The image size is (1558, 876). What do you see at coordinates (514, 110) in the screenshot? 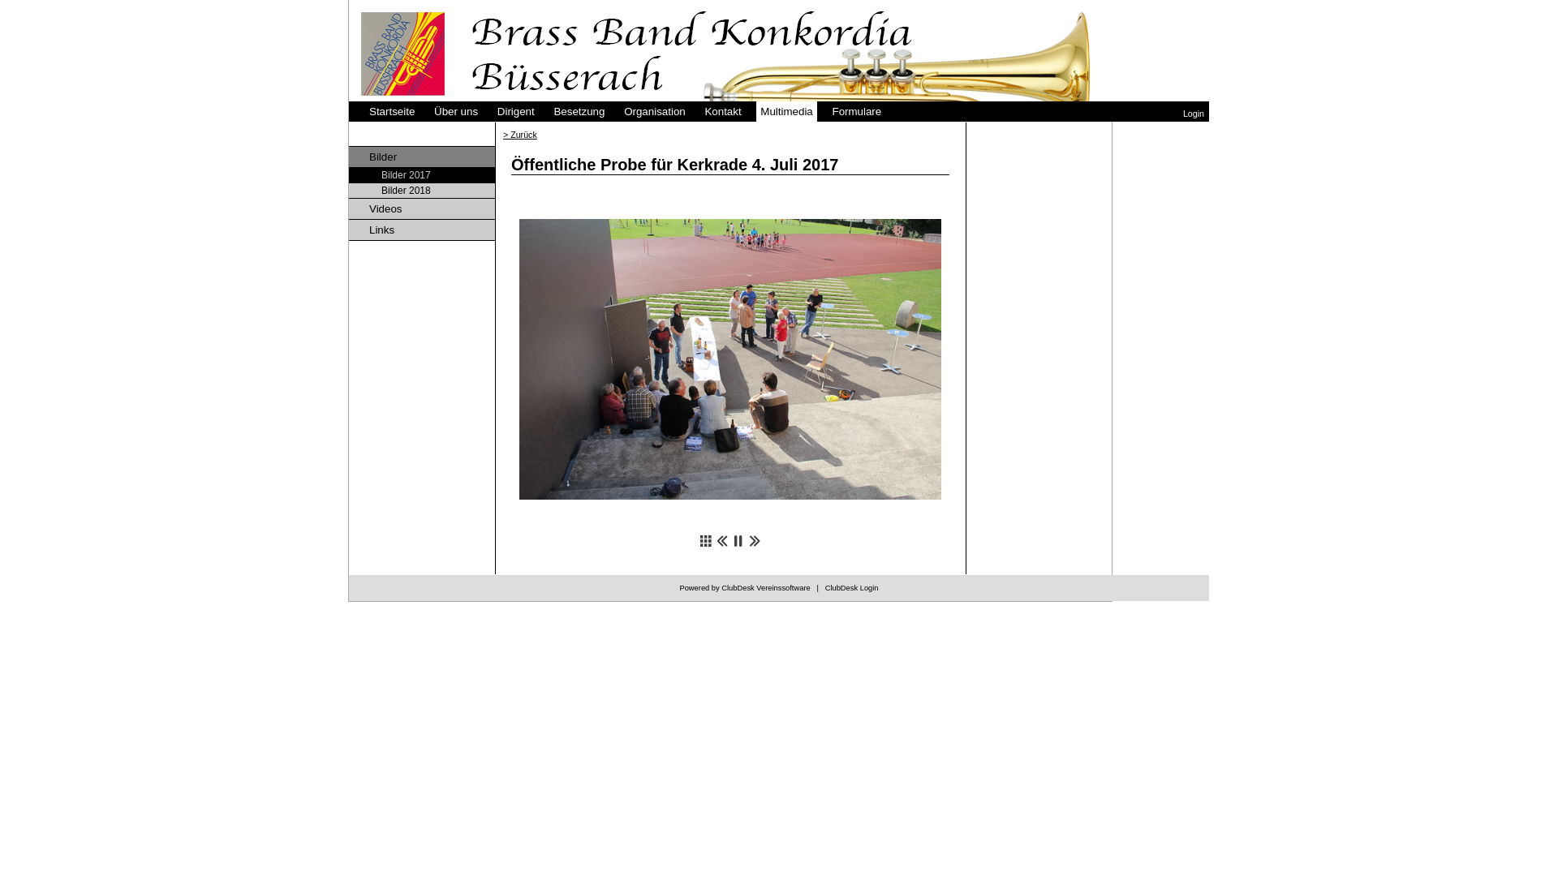
I see `'Dirigent'` at bounding box center [514, 110].